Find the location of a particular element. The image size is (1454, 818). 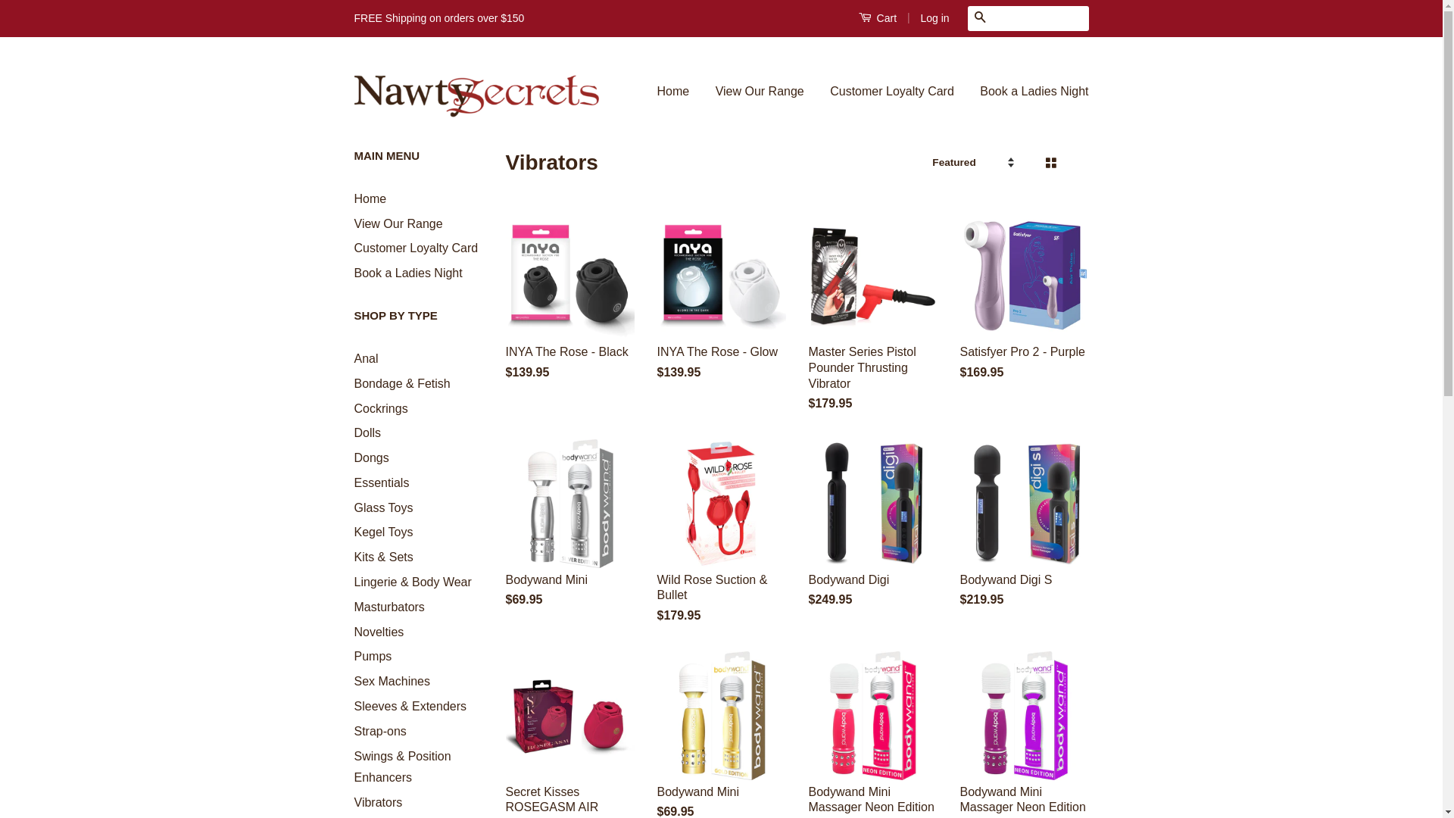

'Pumps' is located at coordinates (373, 655).